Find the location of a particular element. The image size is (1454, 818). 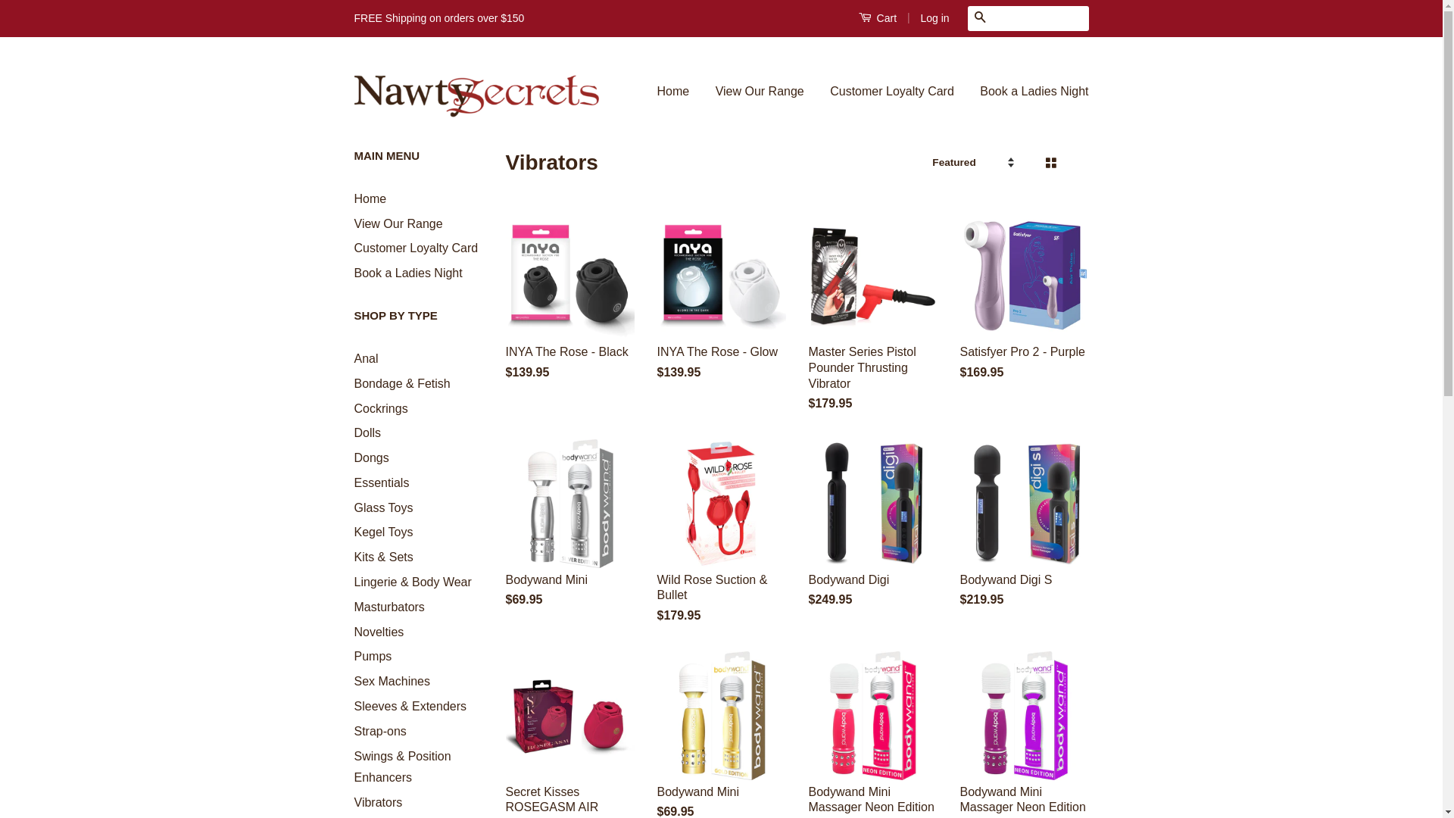

'Pumps' is located at coordinates (373, 655).